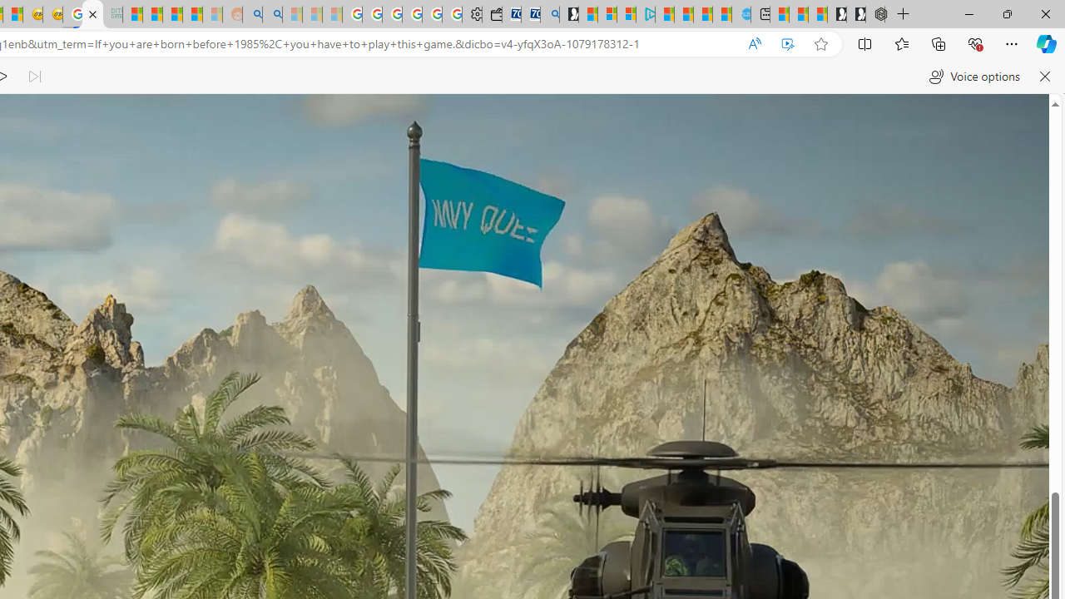 The height and width of the screenshot is (599, 1065). I want to click on 'Enhance video', so click(786, 43).